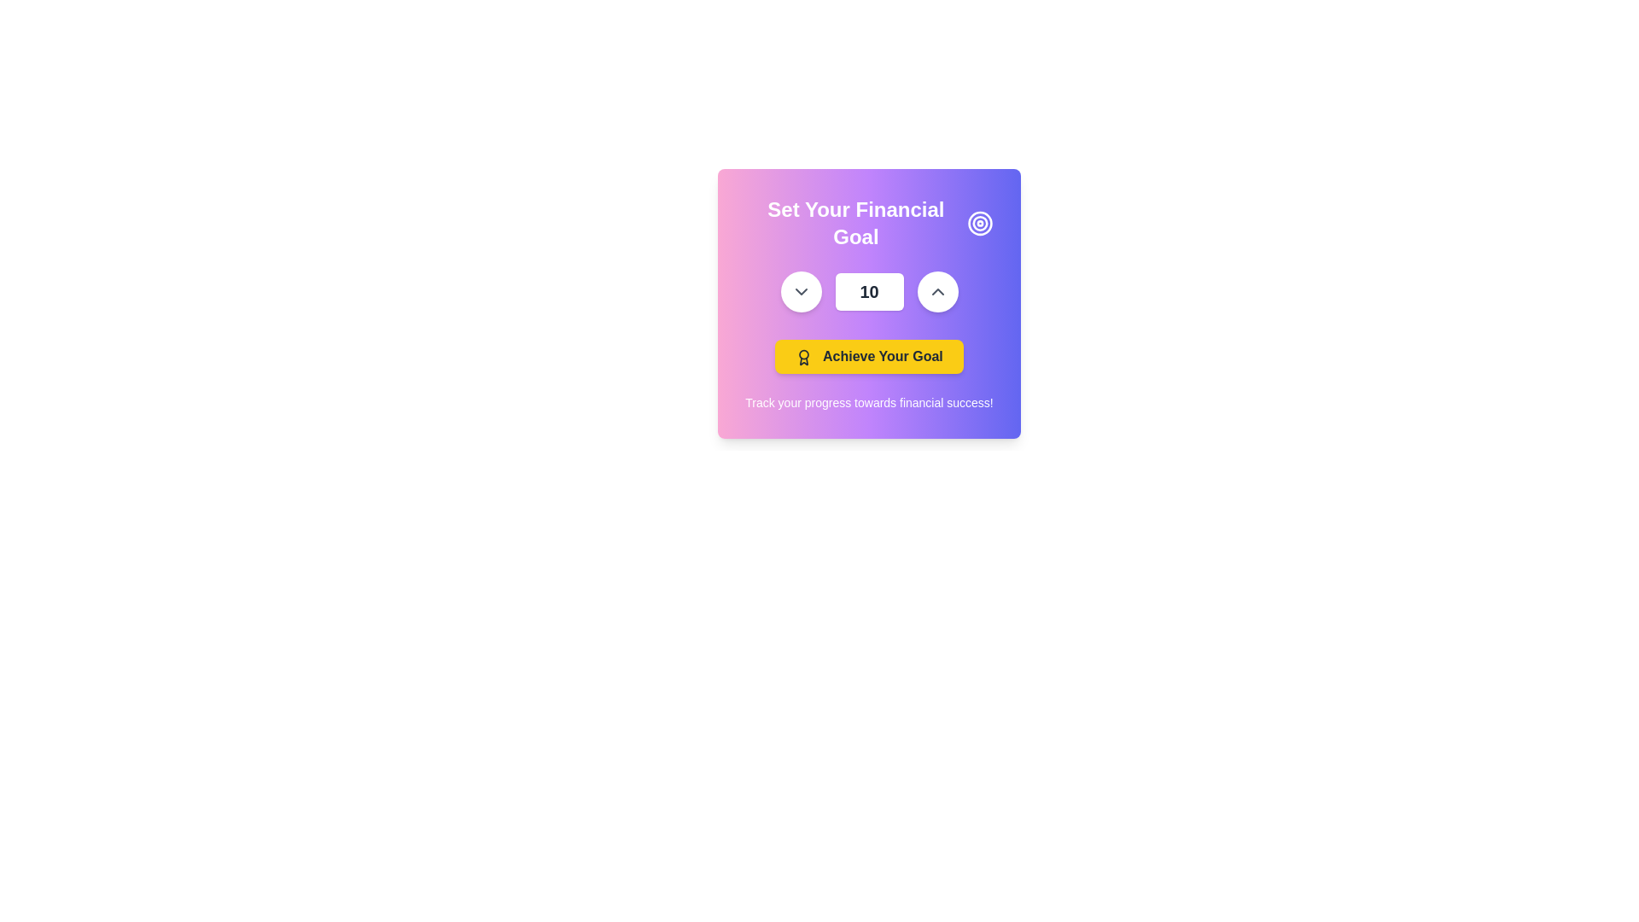 Image resolution: width=1639 pixels, height=922 pixels. I want to click on header text which indicates the primary action or functionality of setting a financial goal, located at the center of the header section of the card component, so click(856, 223).